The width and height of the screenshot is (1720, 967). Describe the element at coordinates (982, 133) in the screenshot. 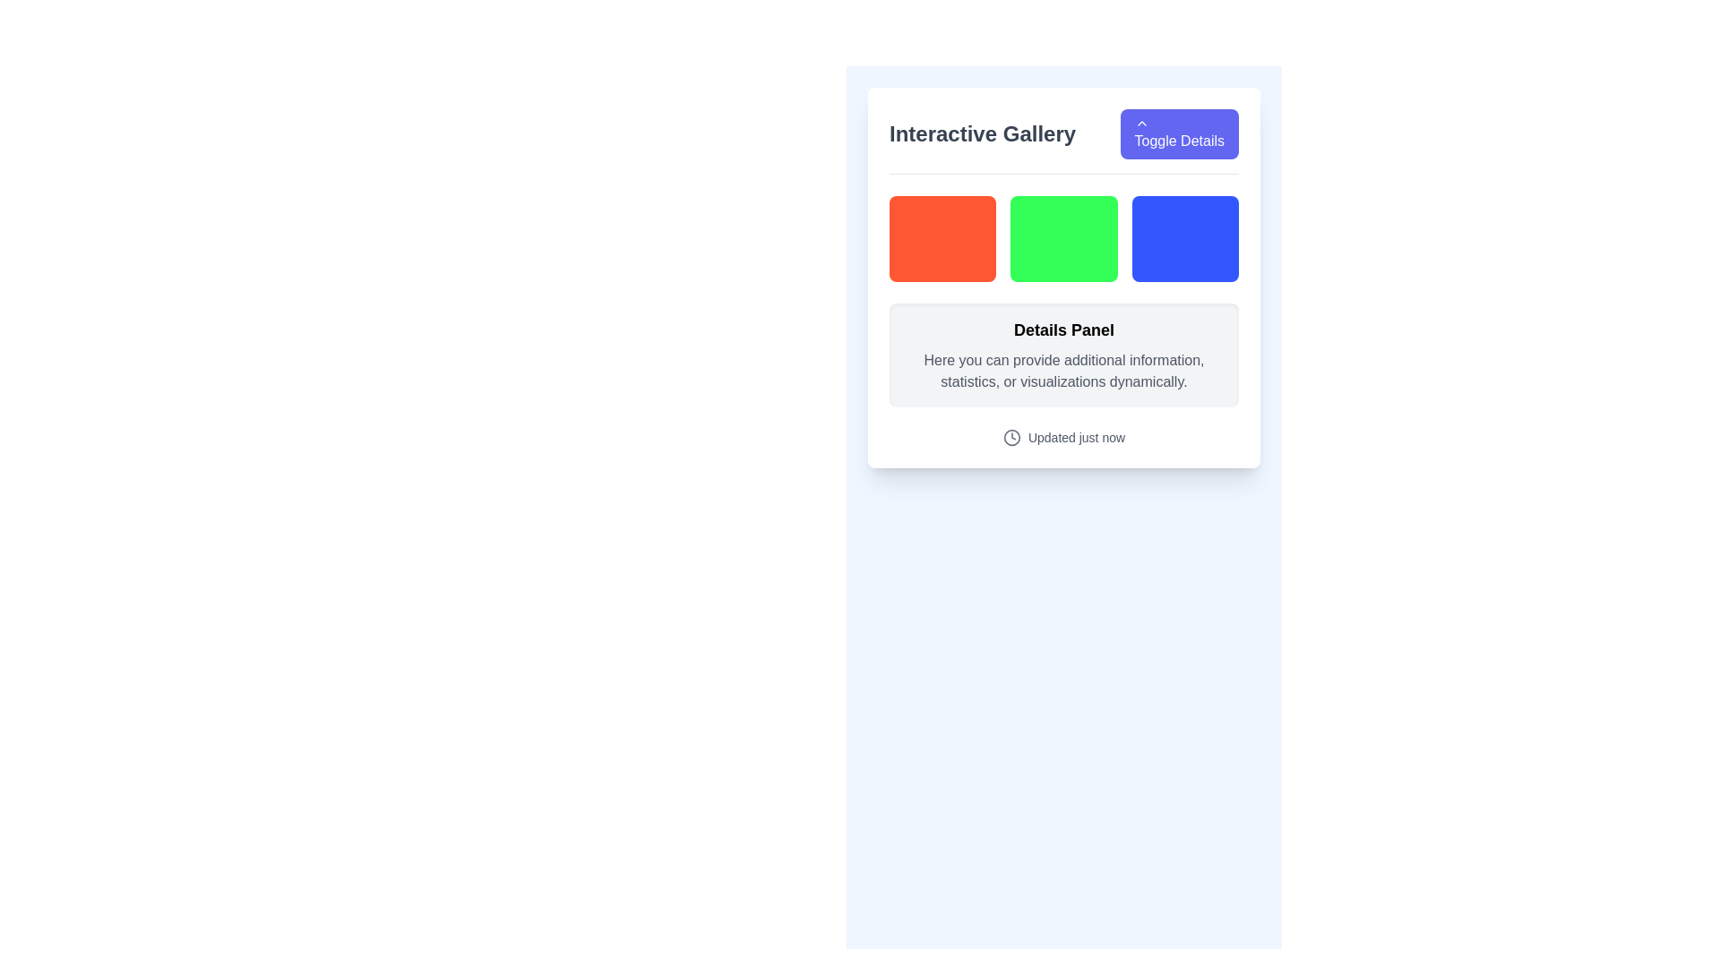

I see `the 'Interactive Gallery' text heading` at that location.